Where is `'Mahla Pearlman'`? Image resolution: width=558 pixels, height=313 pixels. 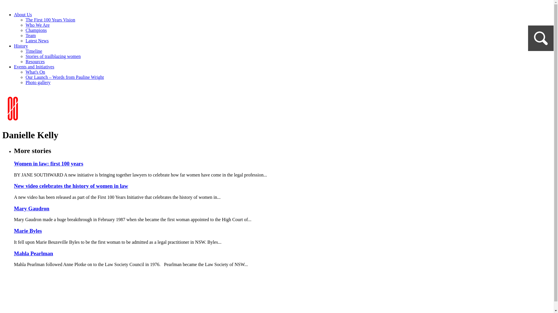
'Mahla Pearlman' is located at coordinates (33, 253).